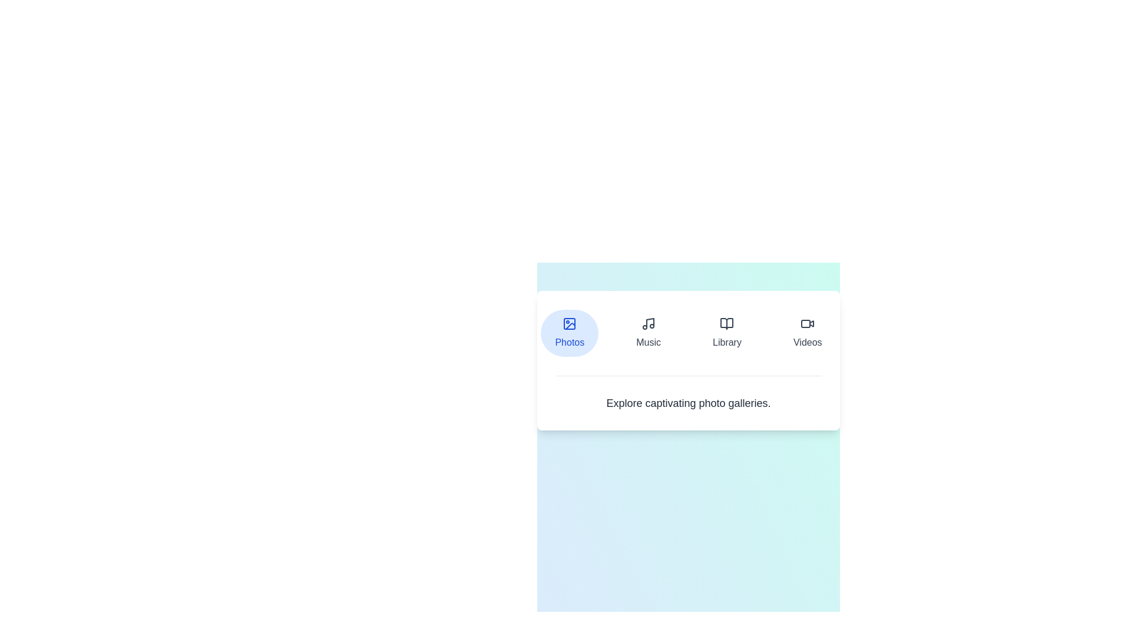 This screenshot has height=636, width=1131. What do you see at coordinates (570, 324) in the screenshot?
I see `the rounded rectangle graphical shape that represents an image icon, located centrally within the SVG element` at bounding box center [570, 324].